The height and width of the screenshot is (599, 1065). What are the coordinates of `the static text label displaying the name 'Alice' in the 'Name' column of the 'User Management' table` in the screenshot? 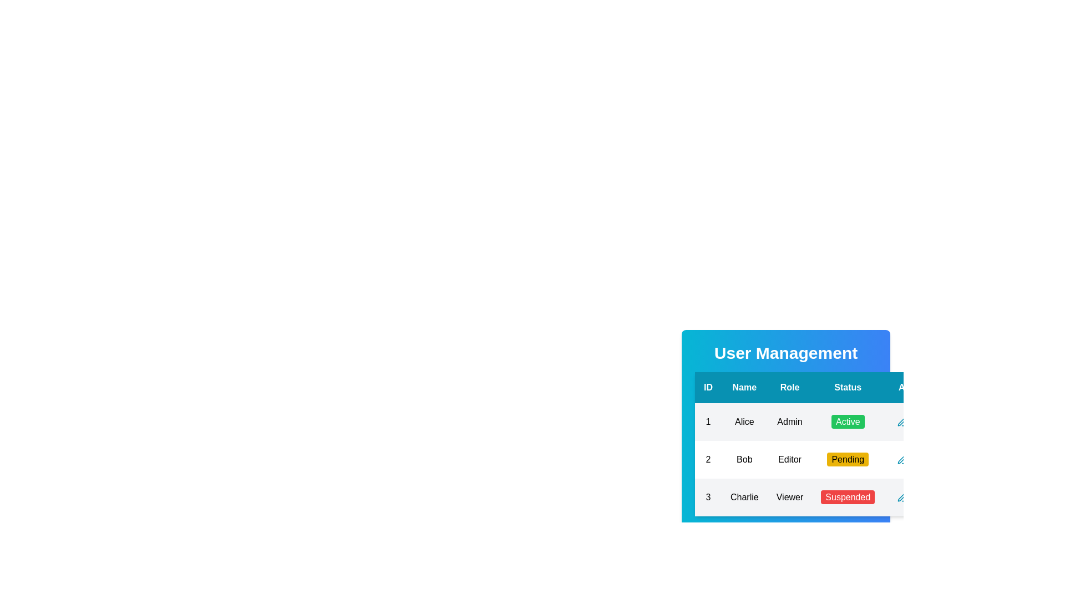 It's located at (744, 422).